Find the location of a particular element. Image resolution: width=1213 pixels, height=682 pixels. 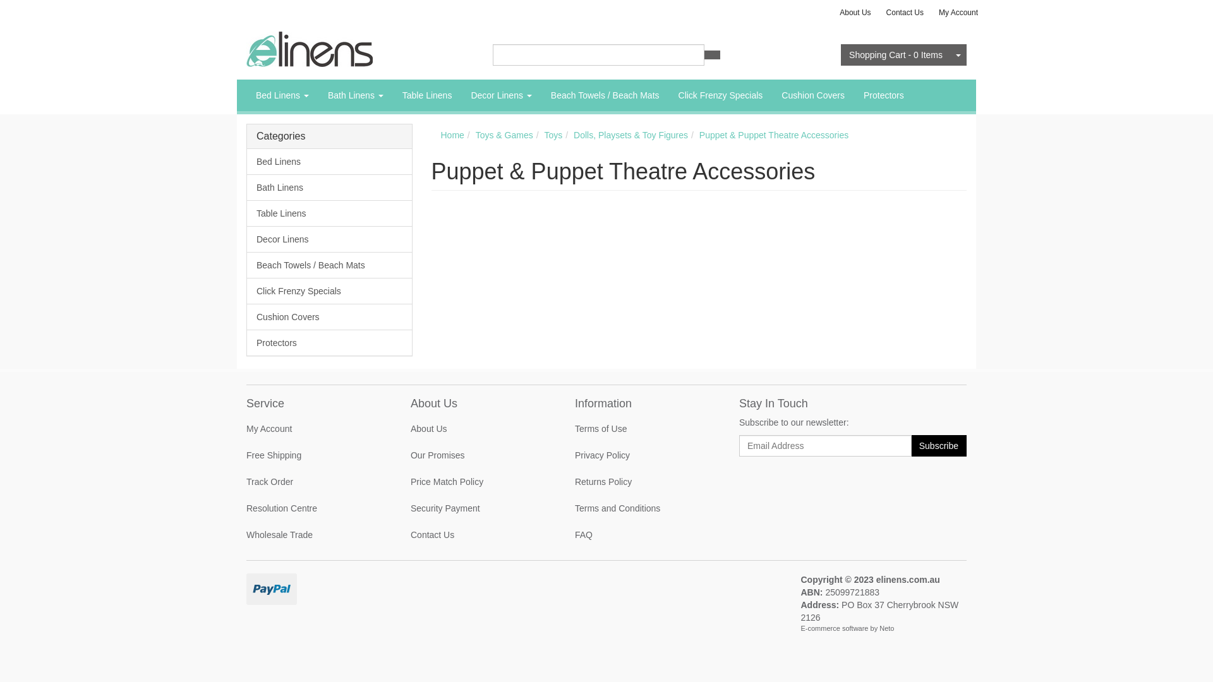

'Toys & Games' is located at coordinates (504, 135).